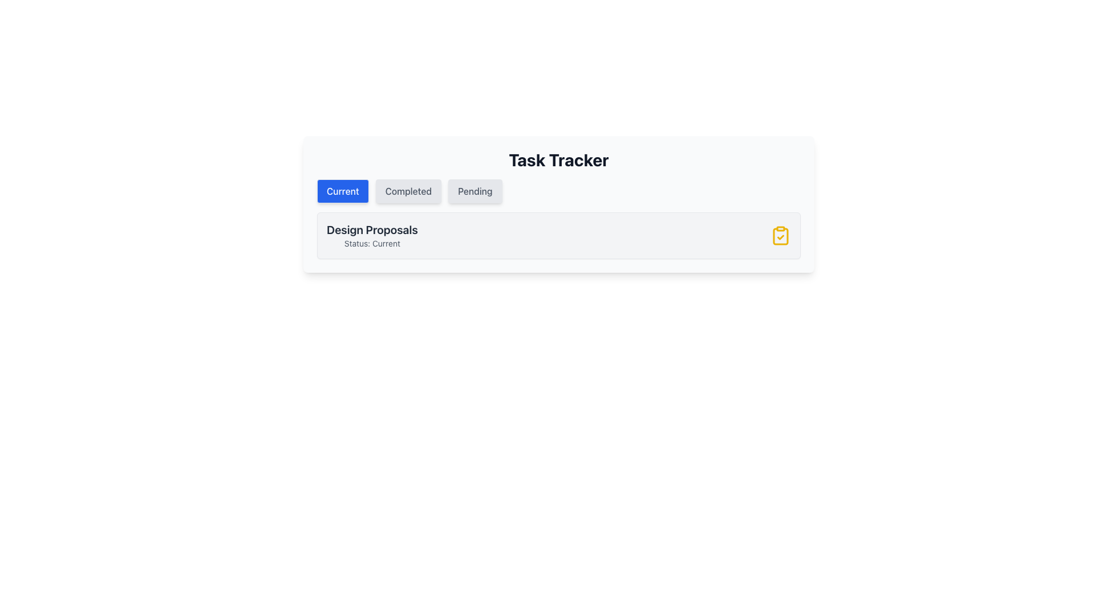 This screenshot has height=615, width=1095. I want to click on the text element reading 'Design Proposals', which is styled with a large bold font in dark gray and positioned above 'Status: Current', so click(372, 230).